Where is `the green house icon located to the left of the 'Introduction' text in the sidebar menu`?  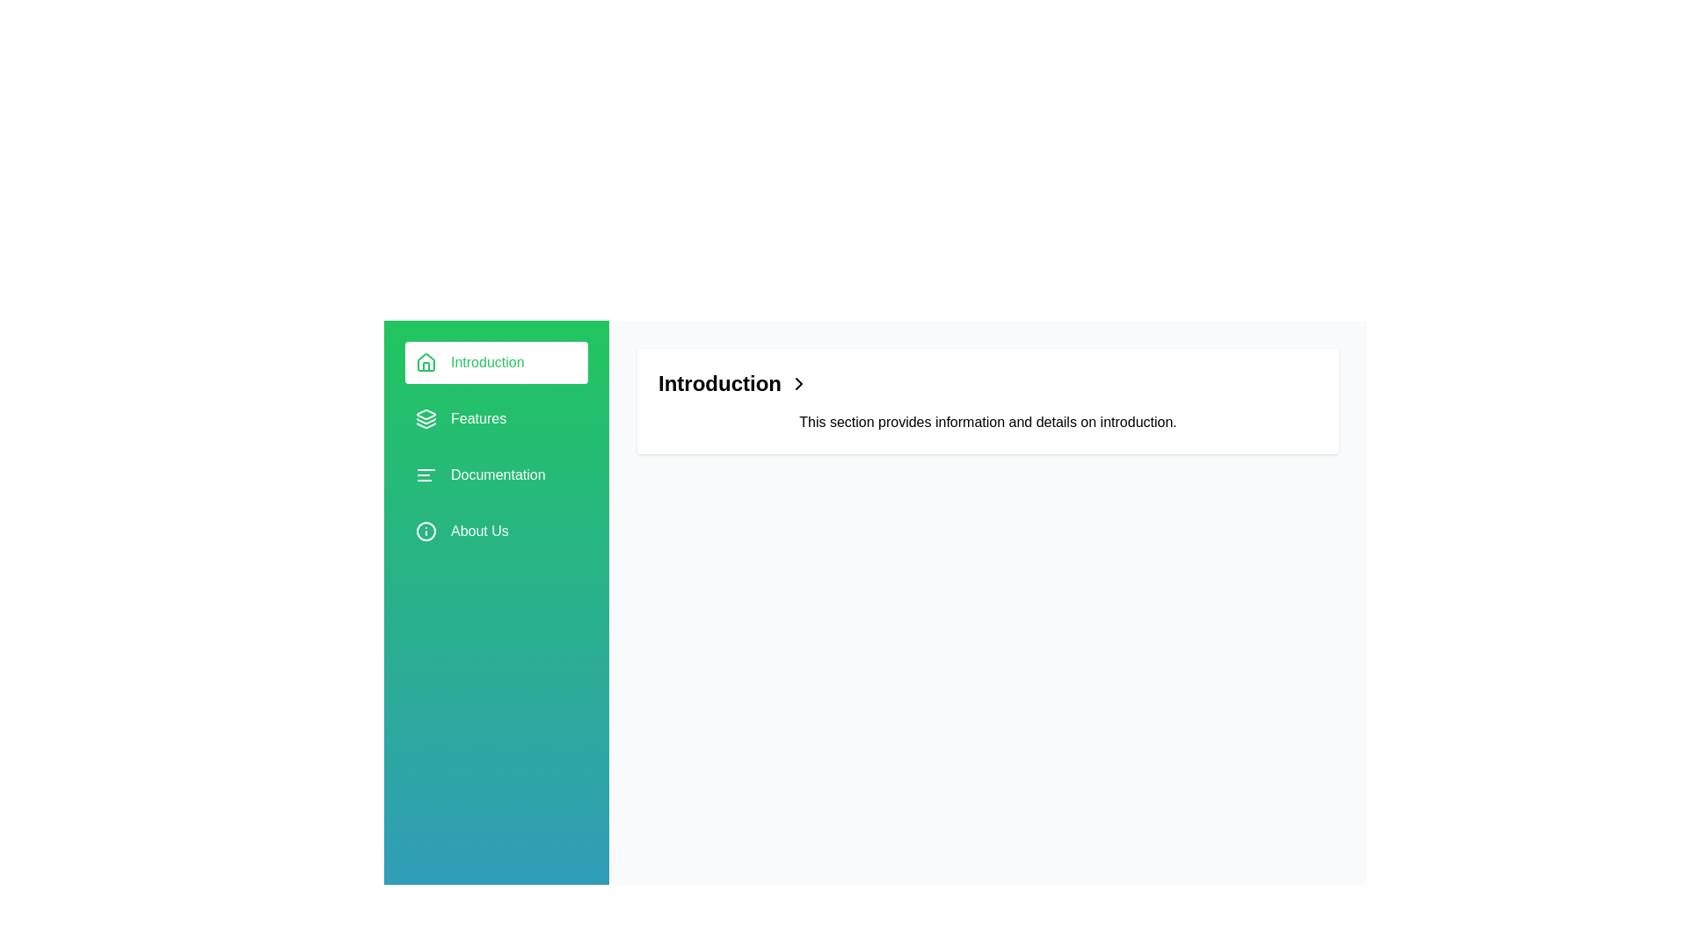
the green house icon located to the left of the 'Introduction' text in the sidebar menu is located at coordinates (426, 361).